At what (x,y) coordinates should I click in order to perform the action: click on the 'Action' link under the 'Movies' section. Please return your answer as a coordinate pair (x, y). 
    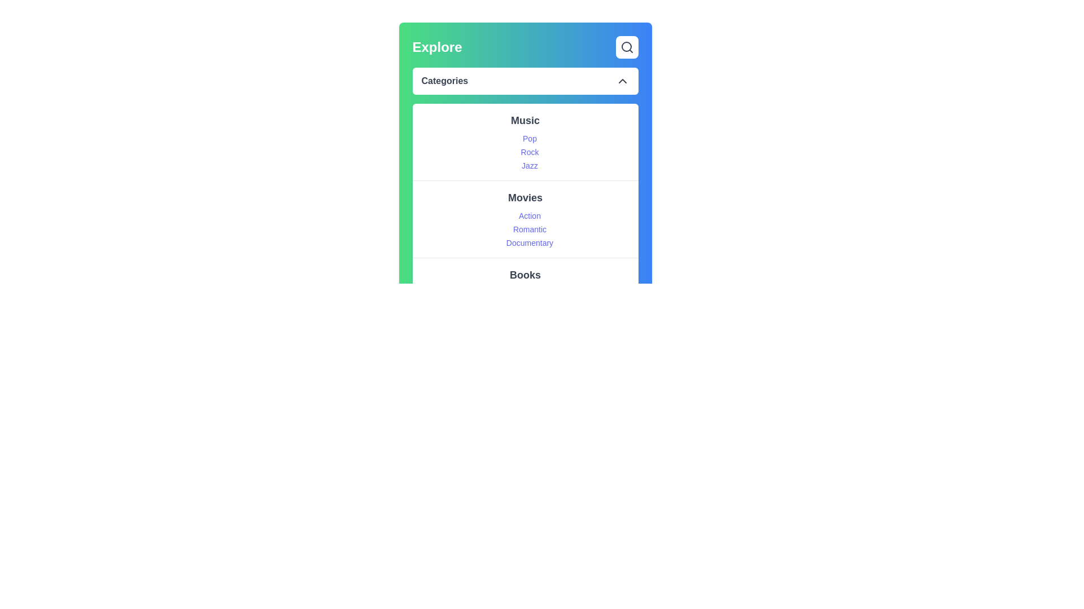
    Looking at the image, I should click on (524, 219).